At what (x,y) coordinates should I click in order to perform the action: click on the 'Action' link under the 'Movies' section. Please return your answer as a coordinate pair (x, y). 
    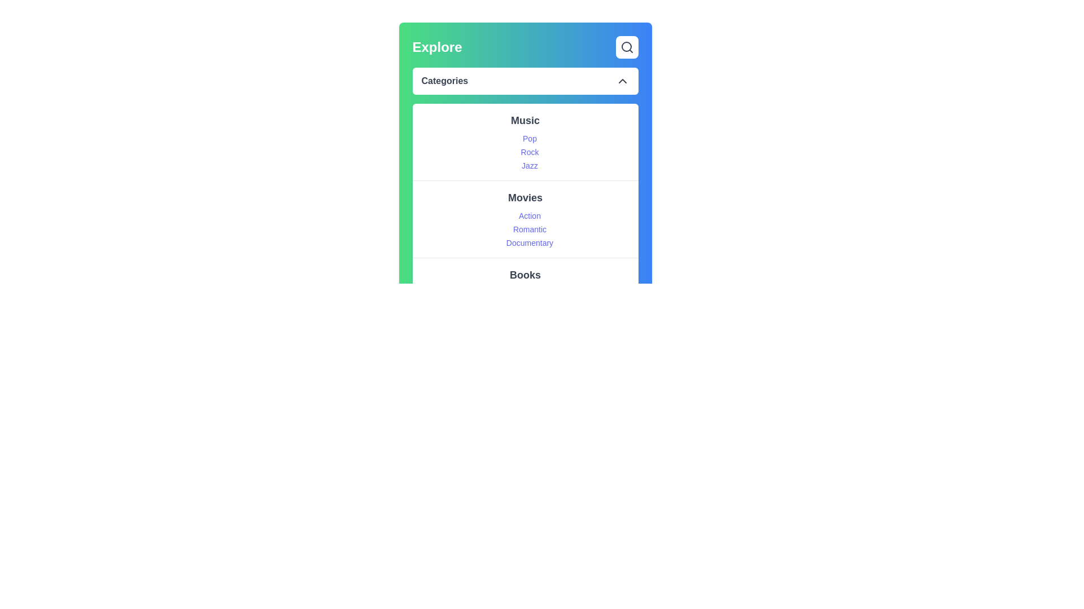
    Looking at the image, I should click on (524, 219).